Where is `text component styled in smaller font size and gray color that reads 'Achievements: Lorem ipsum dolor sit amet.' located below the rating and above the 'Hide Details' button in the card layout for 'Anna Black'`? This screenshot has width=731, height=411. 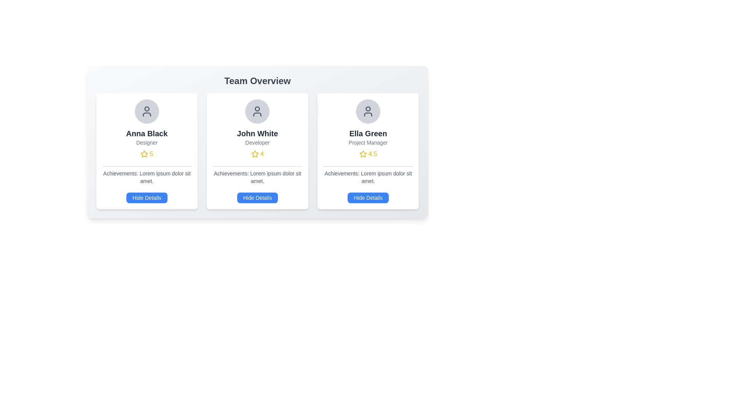
text component styled in smaller font size and gray color that reads 'Achievements: Lorem ipsum dolor sit amet.' located below the rating and above the 'Hide Details' button in the card layout for 'Anna Black' is located at coordinates (147, 175).